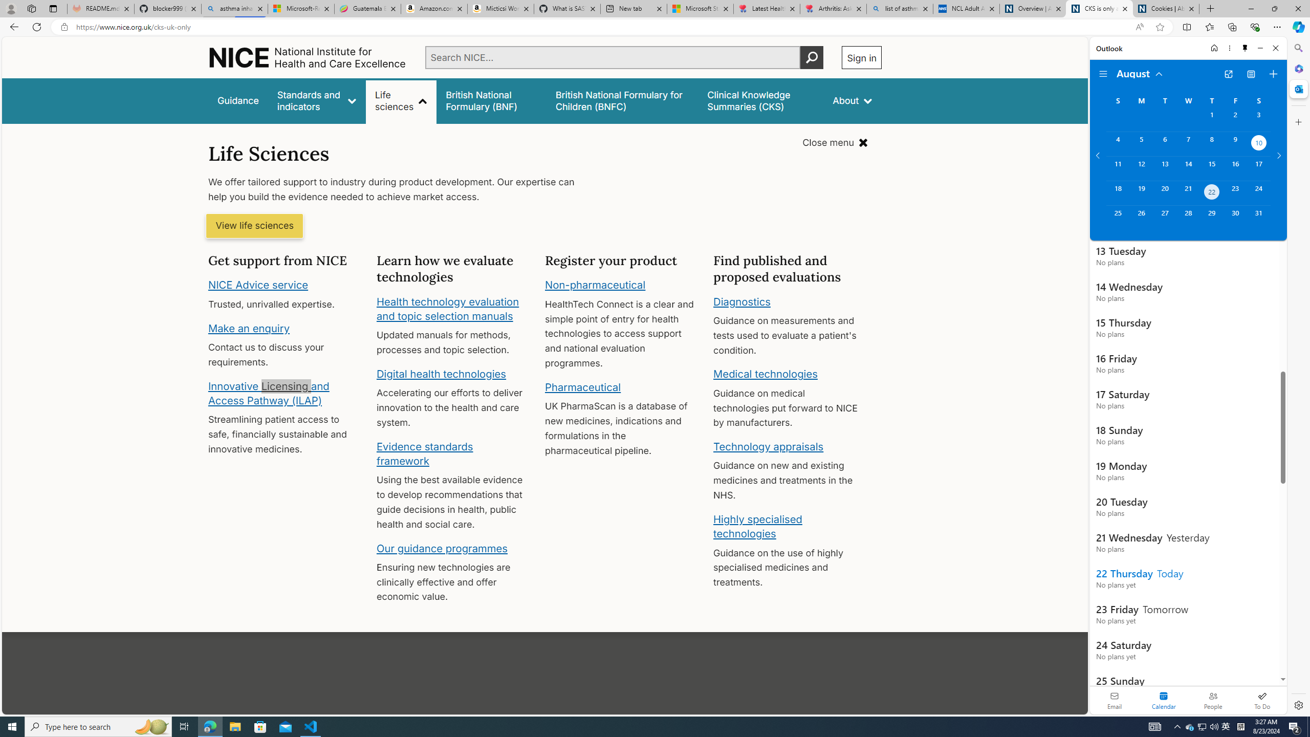 The image size is (1310, 737). What do you see at coordinates (899, 8) in the screenshot?
I see `'list of asthma inhalers uk - Search'` at bounding box center [899, 8].